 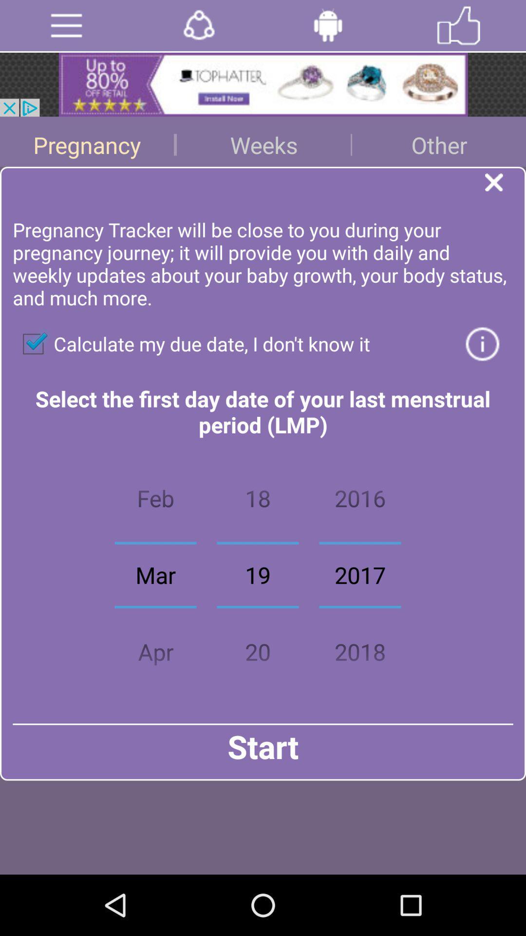 What do you see at coordinates (263, 84) in the screenshot?
I see `open advertisement` at bounding box center [263, 84].